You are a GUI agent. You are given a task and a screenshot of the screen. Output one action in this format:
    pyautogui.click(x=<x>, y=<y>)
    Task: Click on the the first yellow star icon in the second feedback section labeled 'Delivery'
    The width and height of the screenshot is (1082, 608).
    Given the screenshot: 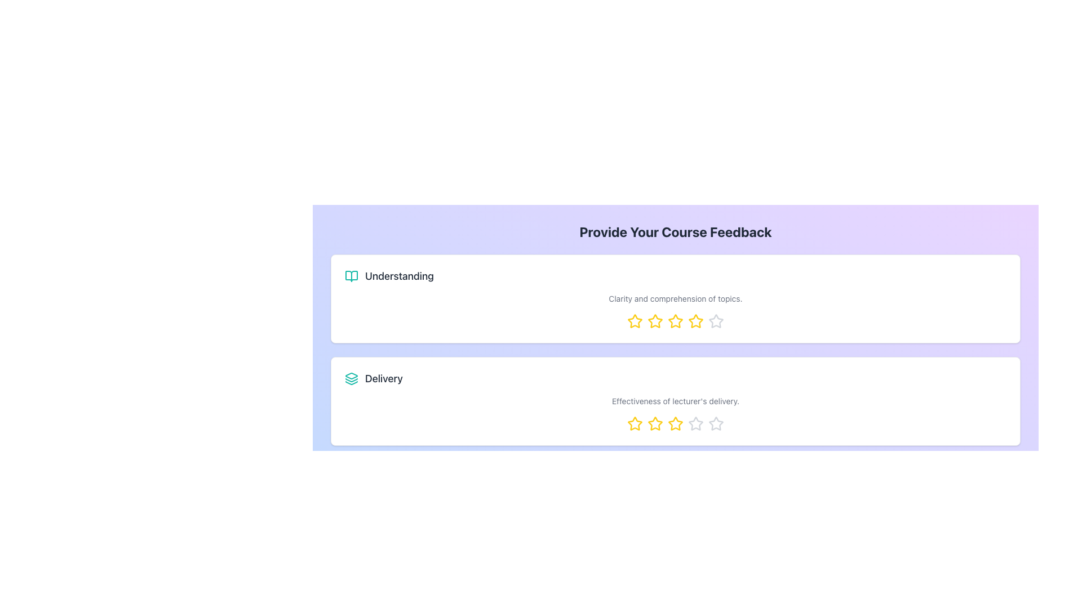 What is the action you would take?
    pyautogui.click(x=635, y=423)
    